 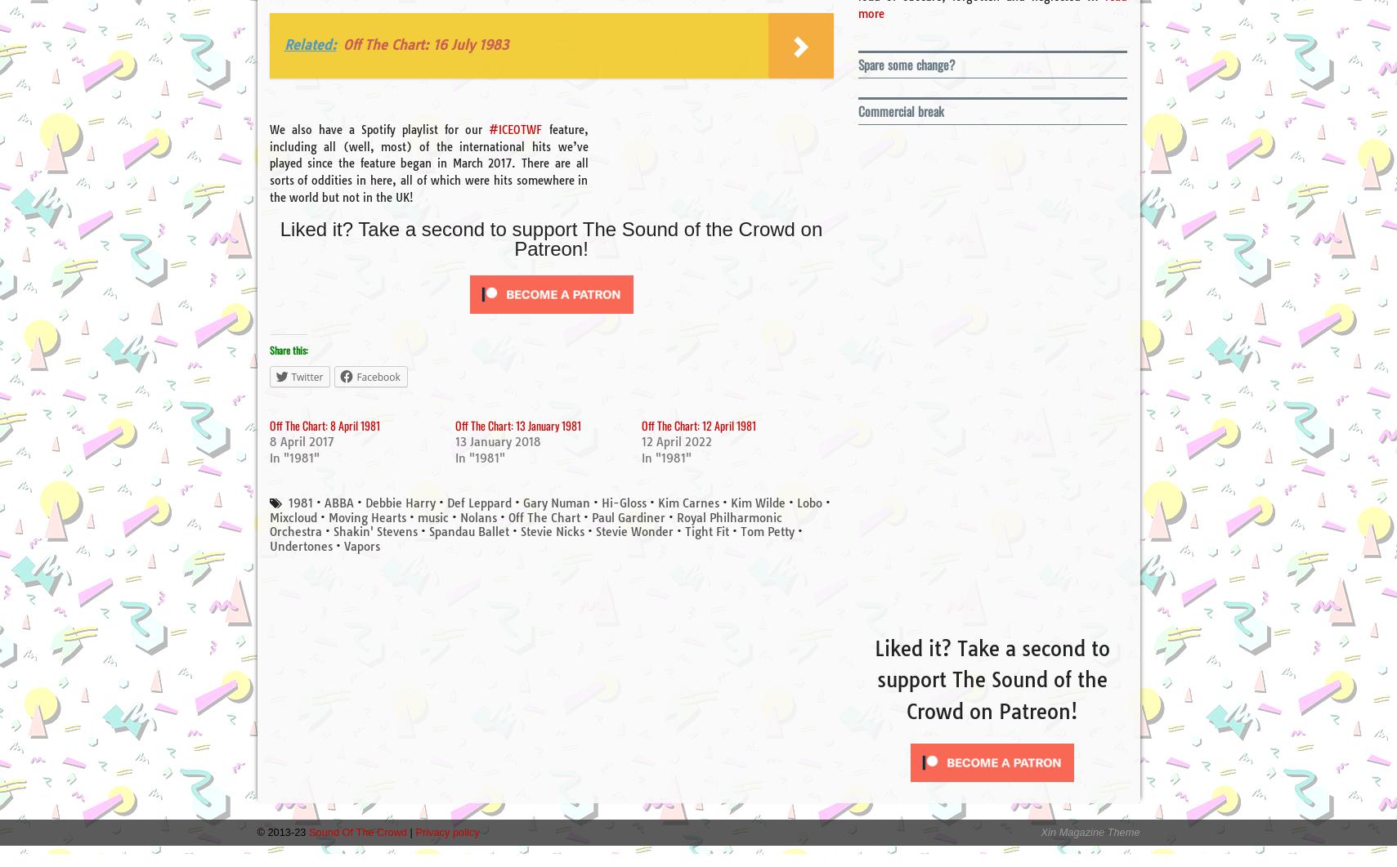 What do you see at coordinates (299, 545) in the screenshot?
I see `'Undertones'` at bounding box center [299, 545].